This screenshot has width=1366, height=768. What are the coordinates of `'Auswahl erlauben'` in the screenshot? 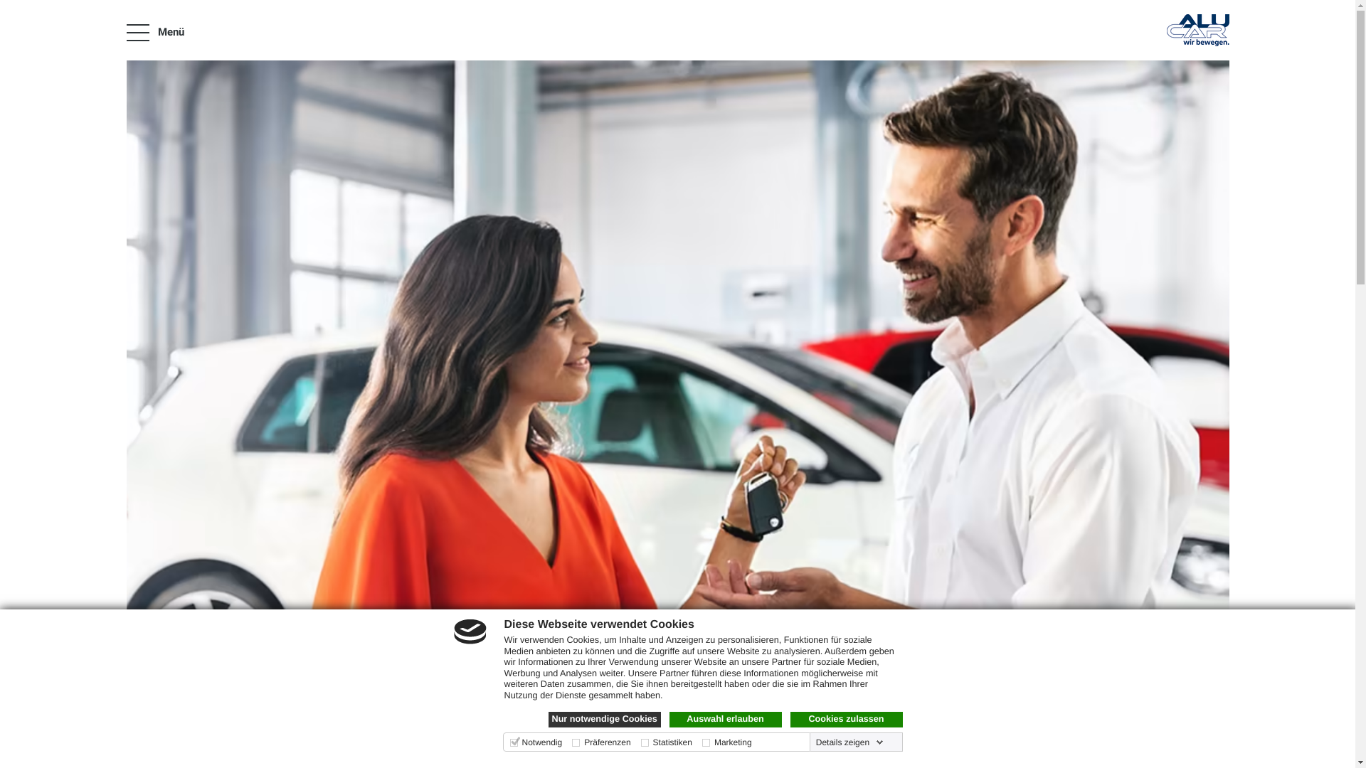 It's located at (724, 719).